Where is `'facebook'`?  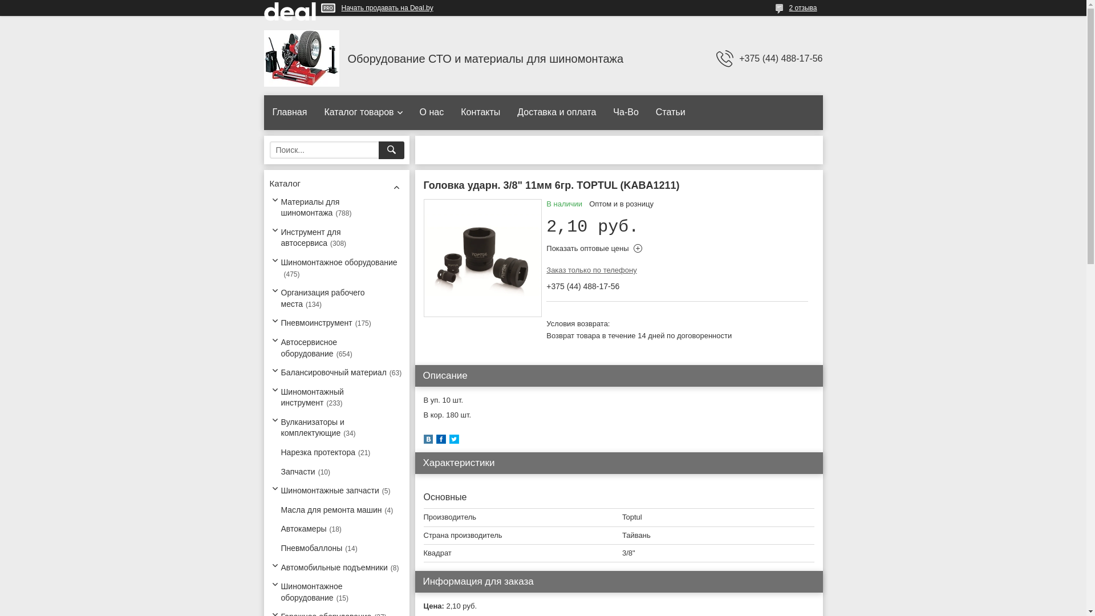
'facebook' is located at coordinates (440, 440).